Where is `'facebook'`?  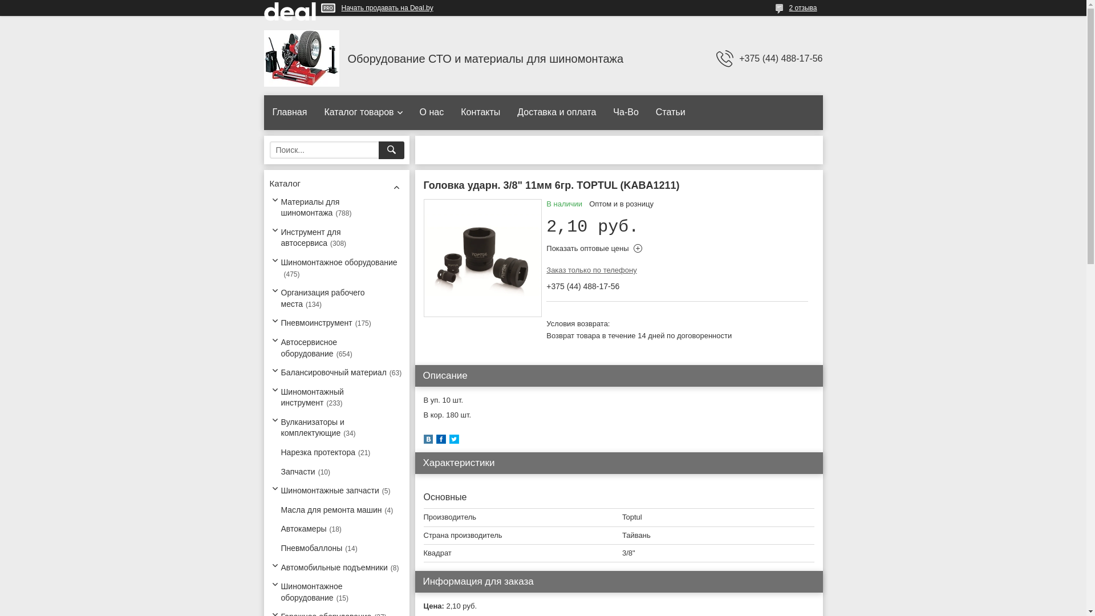
'facebook' is located at coordinates (440, 440).